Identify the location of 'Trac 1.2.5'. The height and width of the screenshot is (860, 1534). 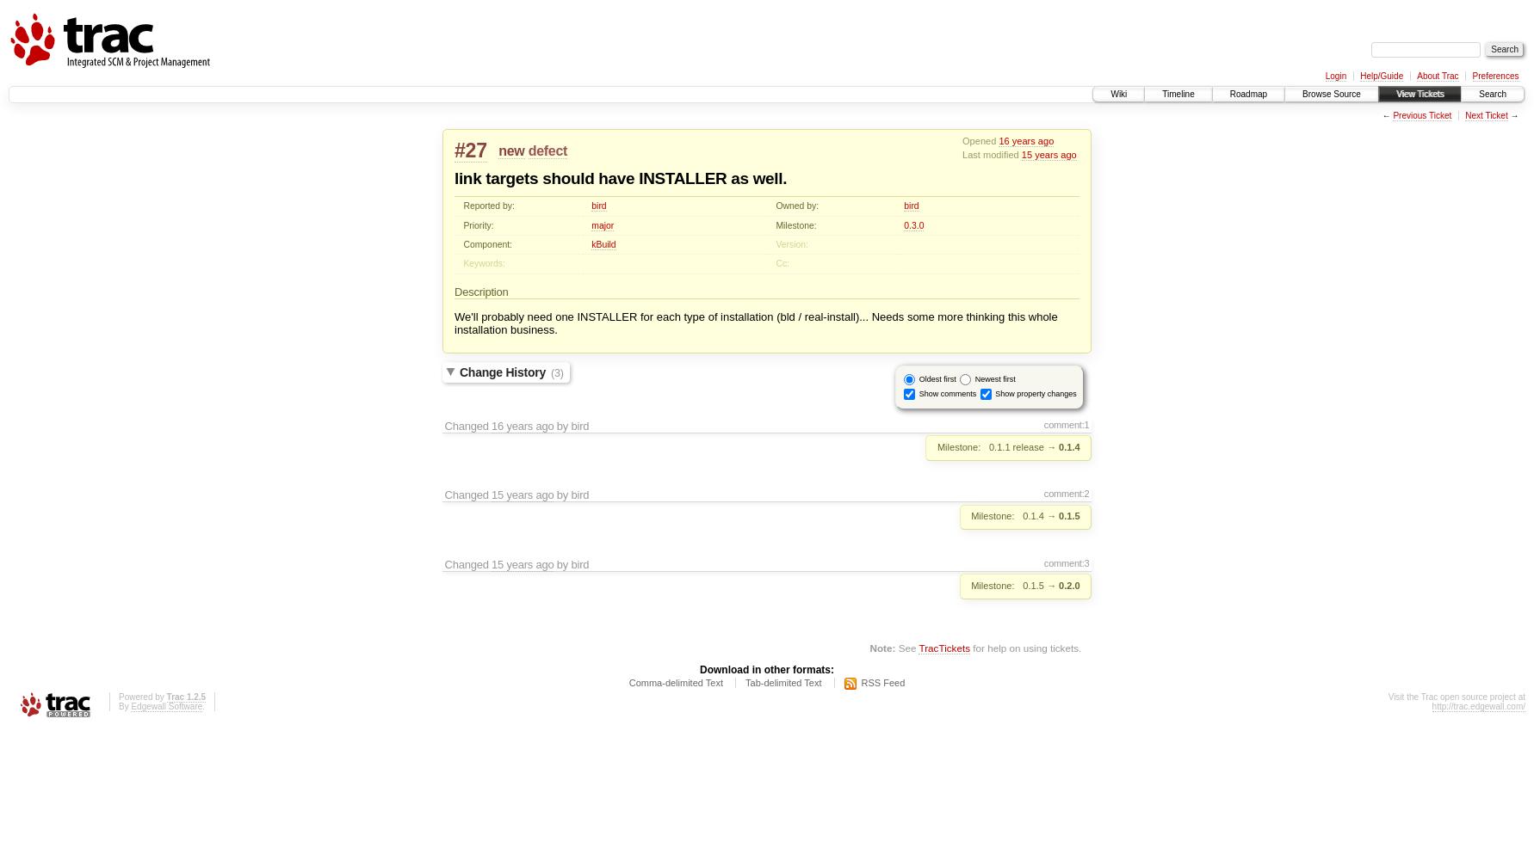
(185, 697).